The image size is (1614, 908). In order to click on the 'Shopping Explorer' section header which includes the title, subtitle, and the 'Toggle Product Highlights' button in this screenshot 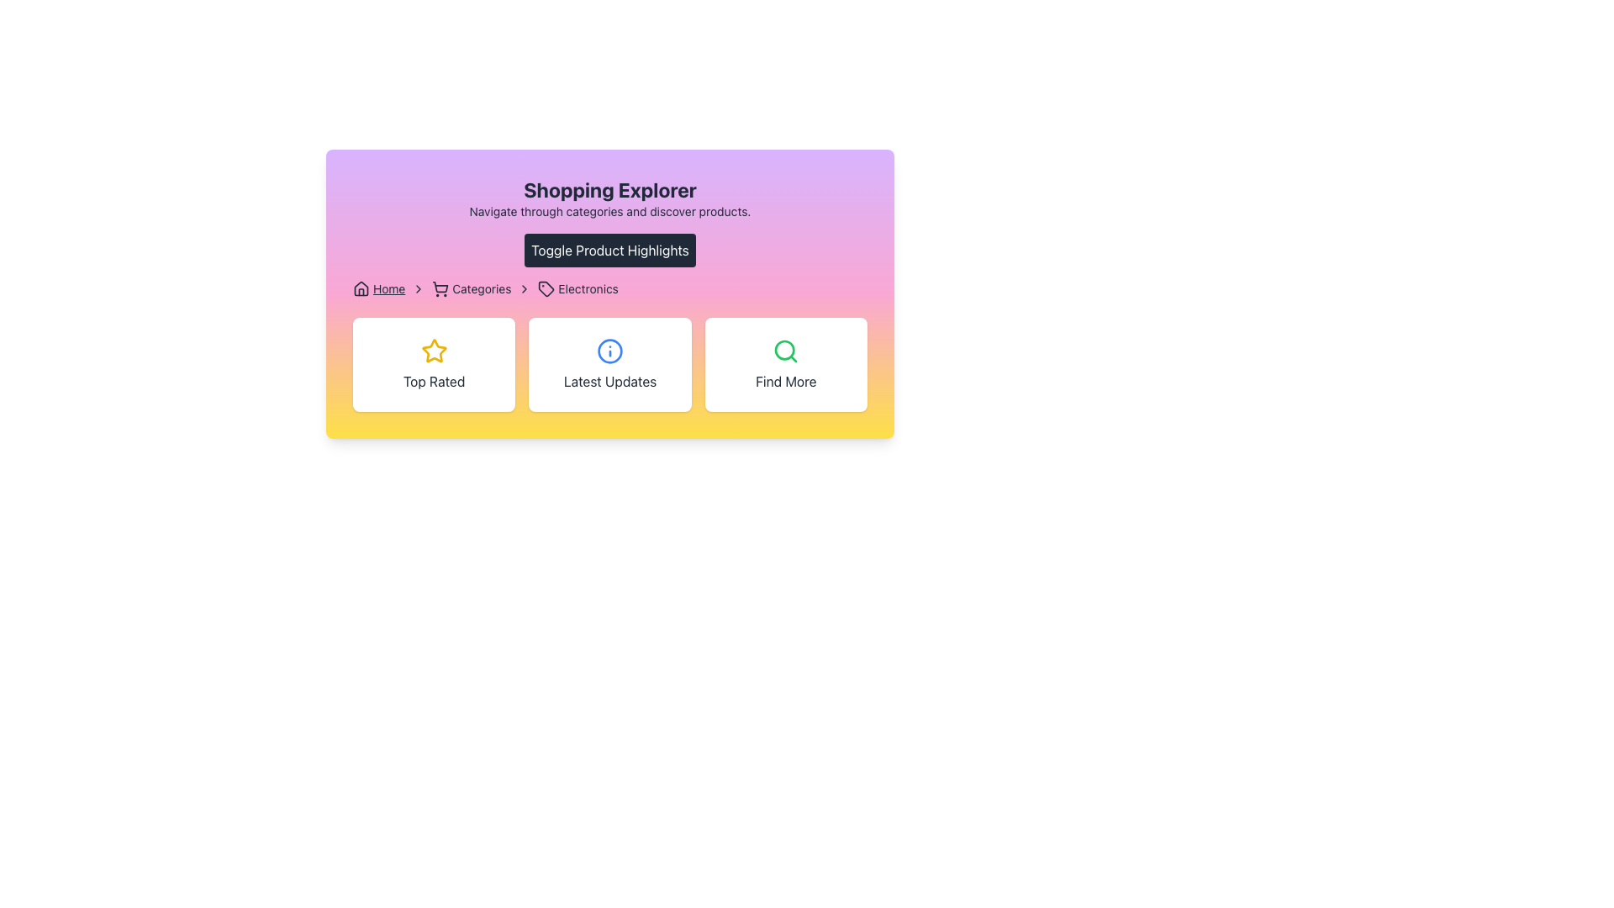, I will do `click(609, 220)`.